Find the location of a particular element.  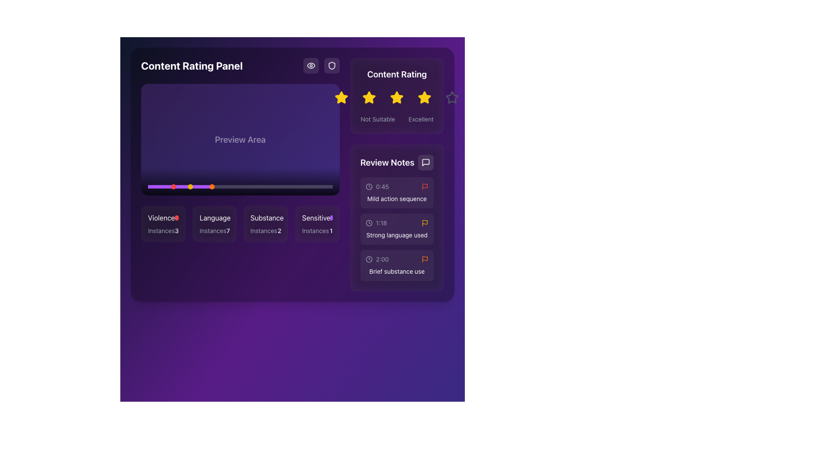

the Summary card representing the 'Sensitive' category, which displays the count of related instances ('1') and is the fourth card in a grid layout is located at coordinates (317, 223).